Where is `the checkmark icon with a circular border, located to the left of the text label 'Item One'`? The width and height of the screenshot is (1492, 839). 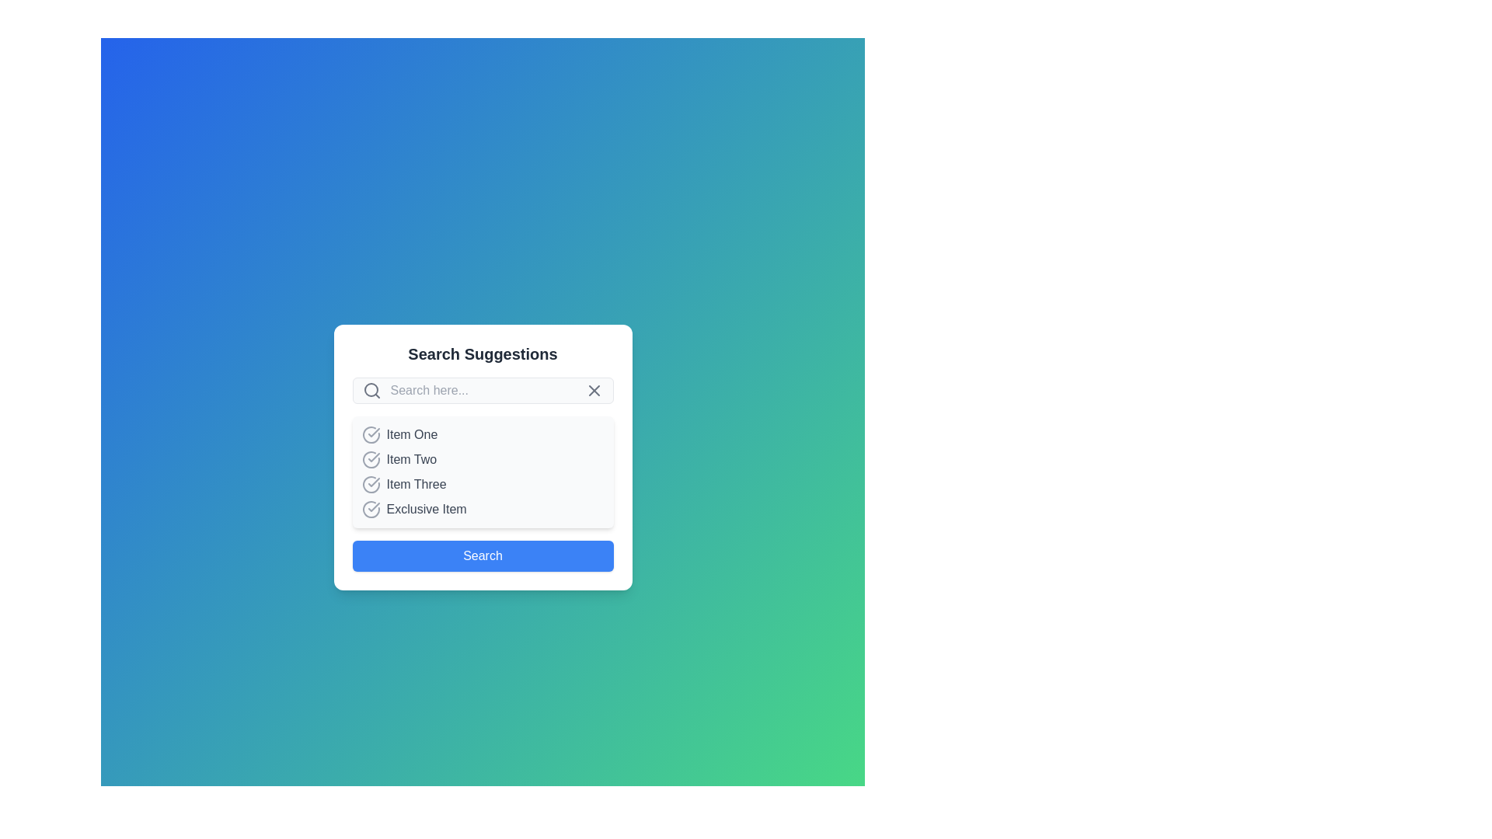
the checkmark icon with a circular border, located to the left of the text label 'Item One' is located at coordinates (373, 432).